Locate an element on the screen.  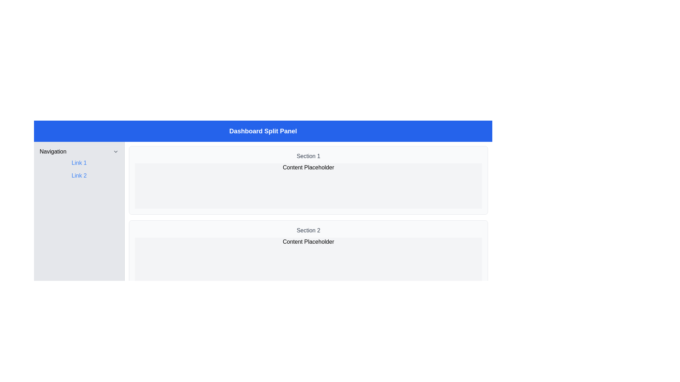
the section header text located above the 'Content Placeholder' in the lower section of the list is located at coordinates (308, 230).